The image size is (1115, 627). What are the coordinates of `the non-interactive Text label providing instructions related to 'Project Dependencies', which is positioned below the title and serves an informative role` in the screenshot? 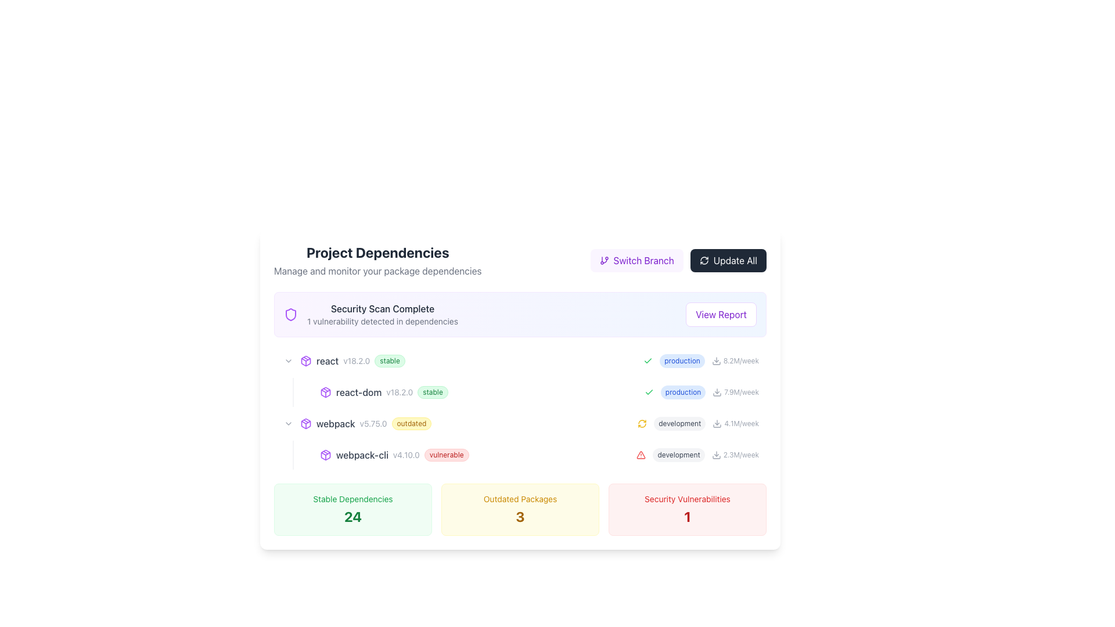 It's located at (377, 271).